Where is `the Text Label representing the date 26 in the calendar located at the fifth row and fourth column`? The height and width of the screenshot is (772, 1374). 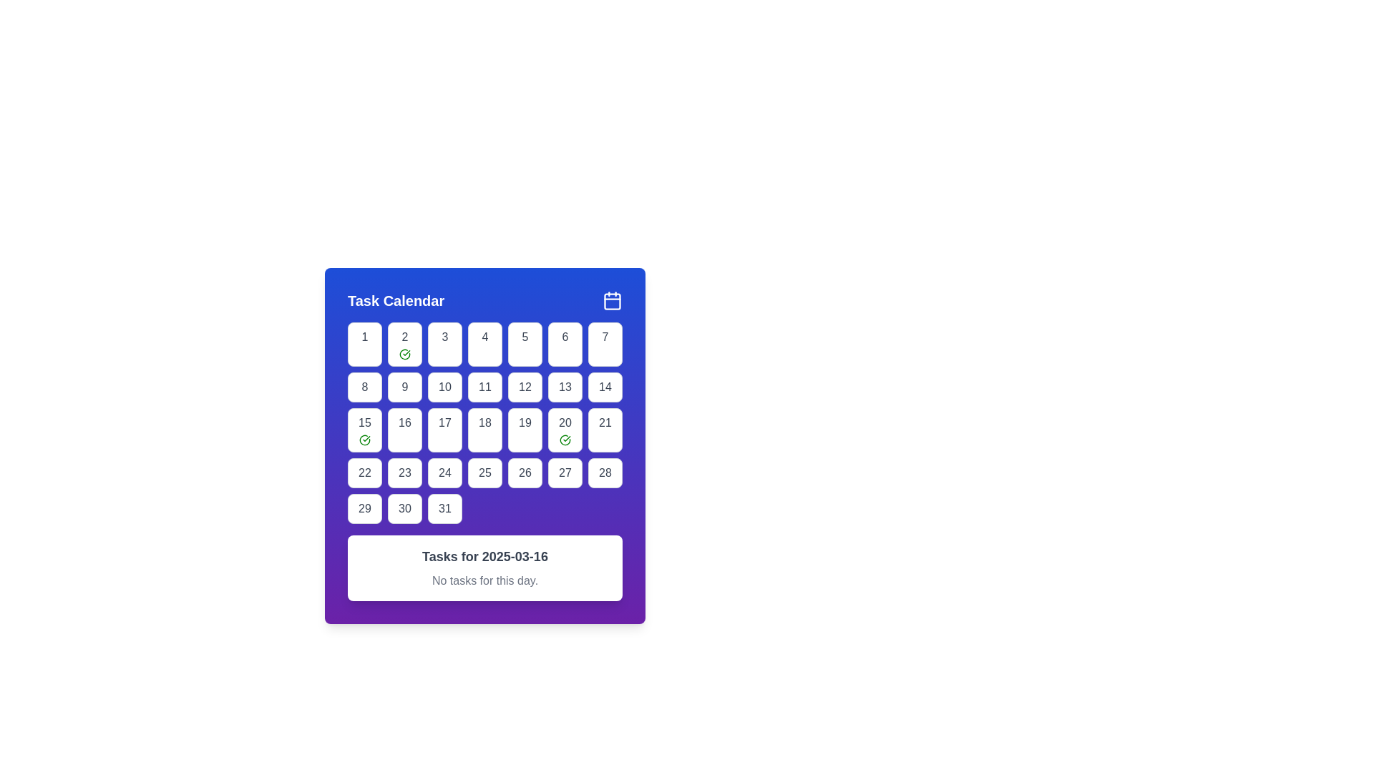 the Text Label representing the date 26 in the calendar located at the fifth row and fourth column is located at coordinates (525, 473).